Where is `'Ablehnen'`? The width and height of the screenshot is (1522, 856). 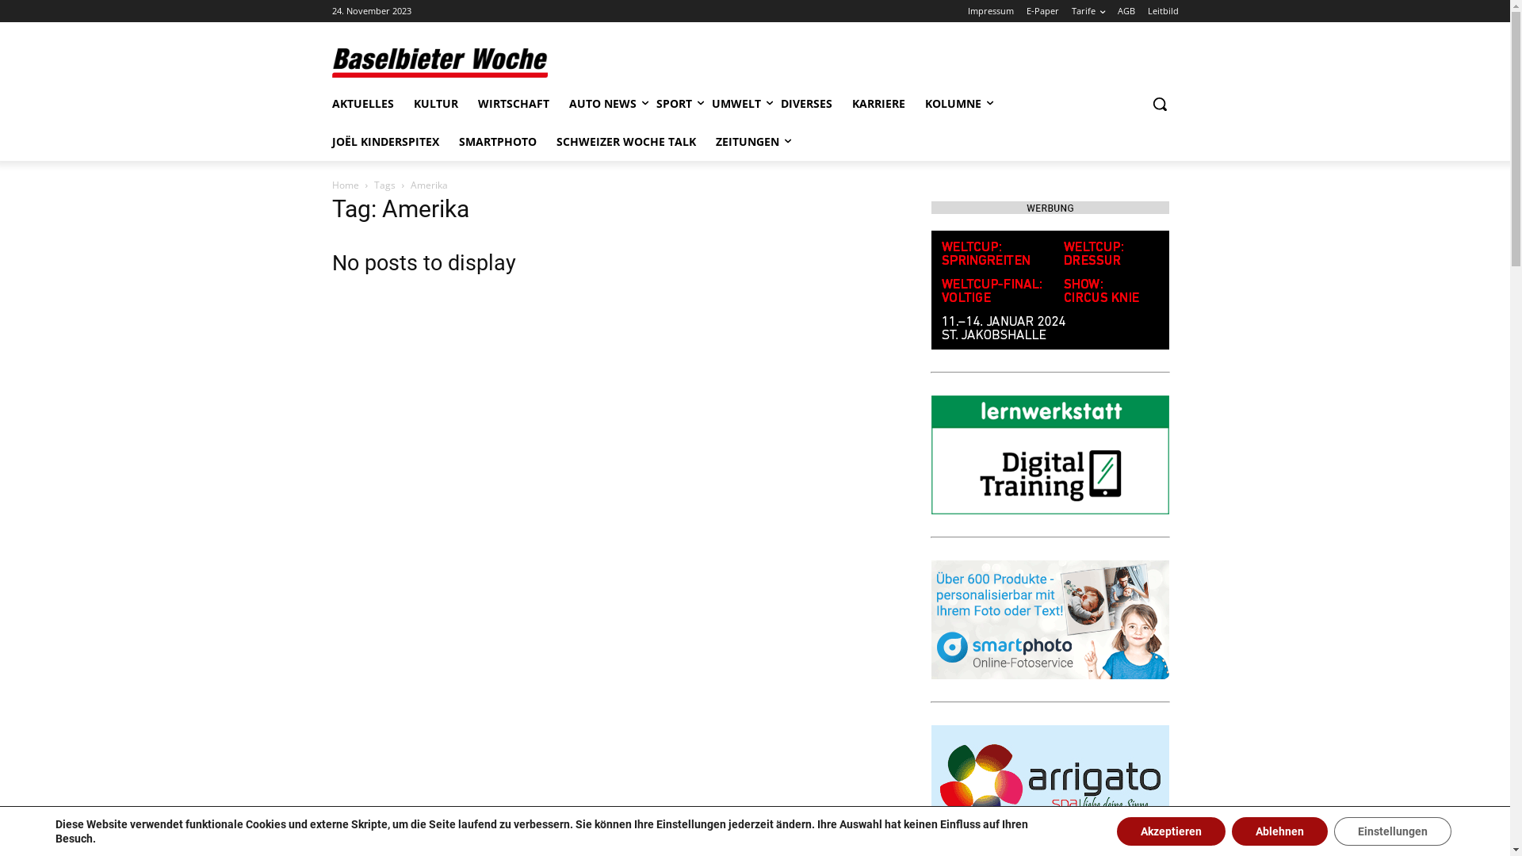 'Ablehnen' is located at coordinates (1231, 831).